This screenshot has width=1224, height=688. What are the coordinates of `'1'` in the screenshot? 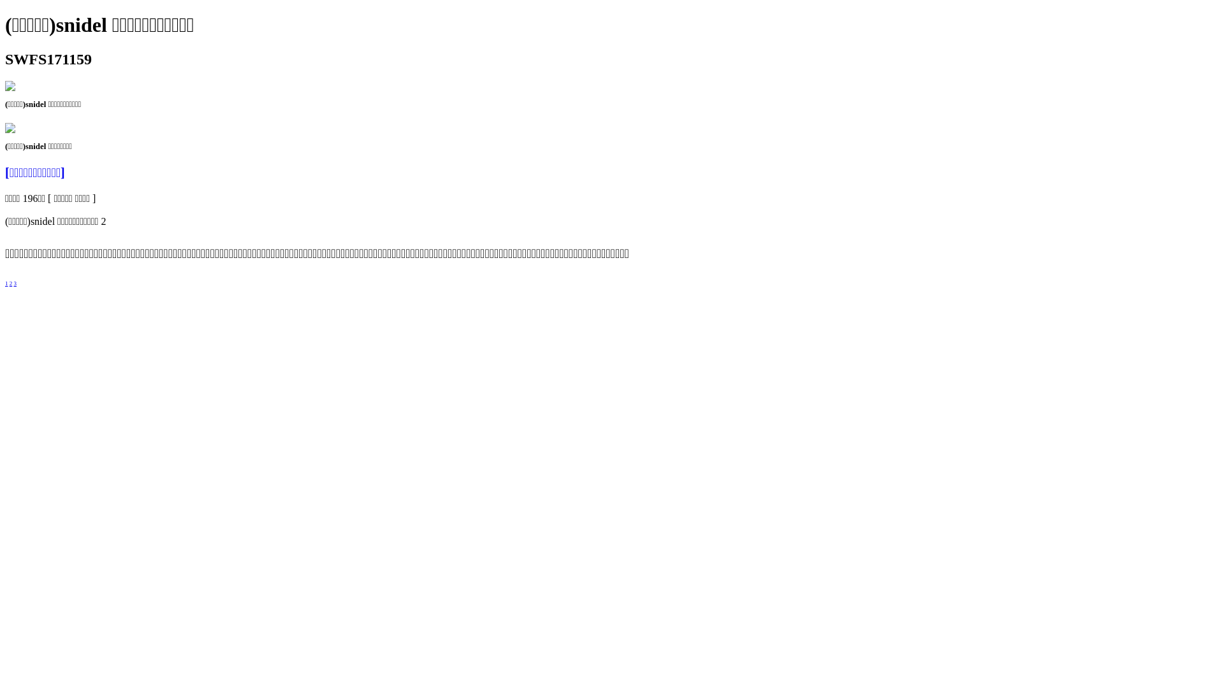 It's located at (5, 282).